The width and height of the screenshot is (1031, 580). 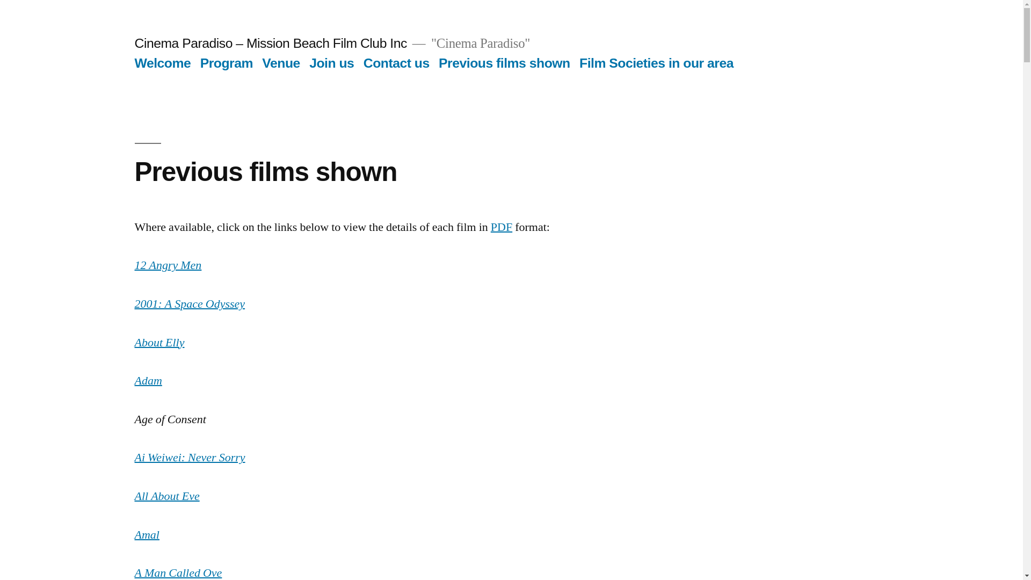 I want to click on 'All About Eve', so click(x=166, y=496).